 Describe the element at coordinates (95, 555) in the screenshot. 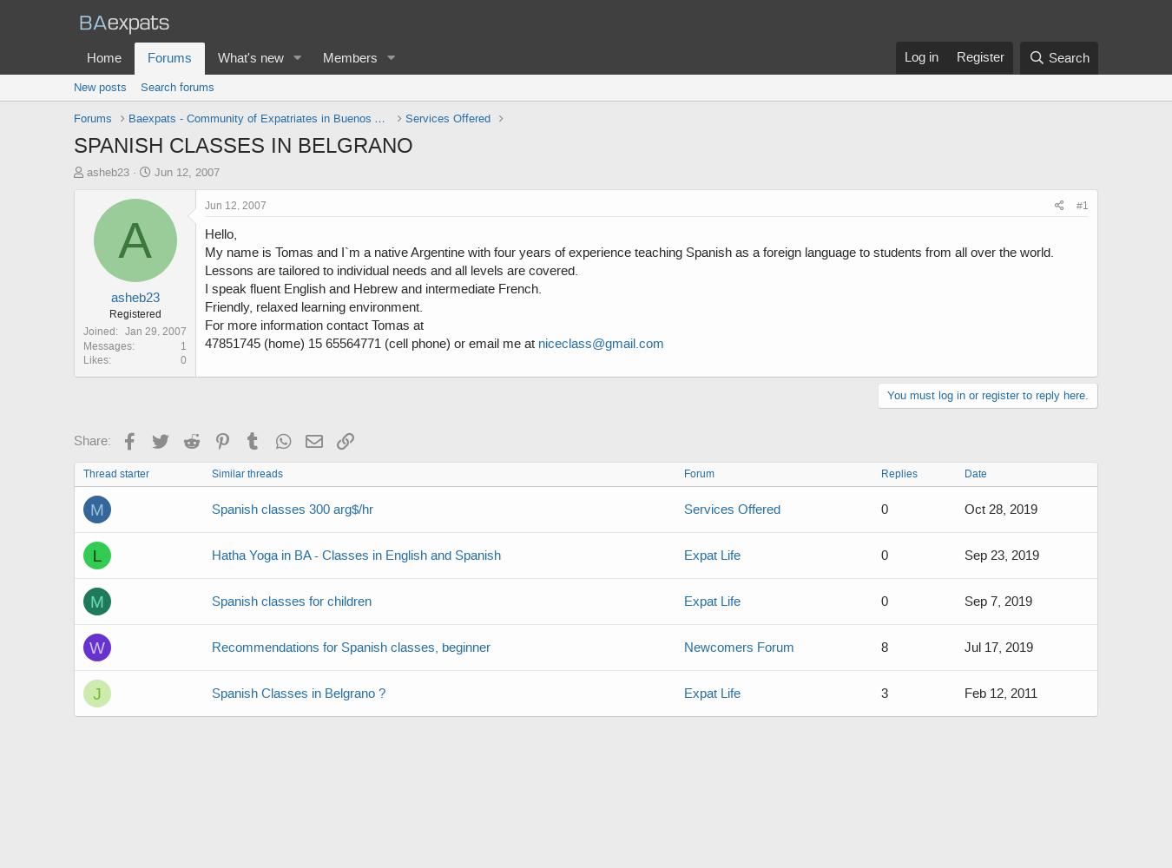

I see `'L'` at that location.